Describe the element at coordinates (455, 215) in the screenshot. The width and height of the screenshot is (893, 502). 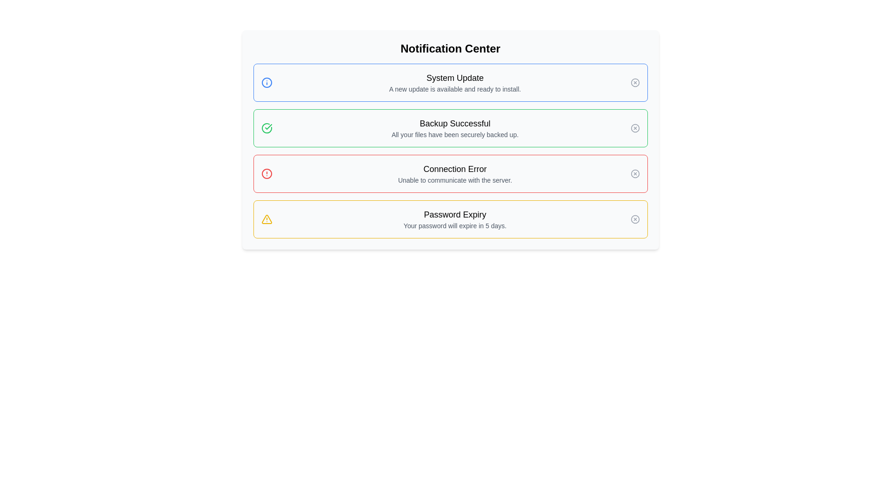
I see `the text label that serves as the header for the password expiration notification, located at the bottom of the notification center interface` at that location.